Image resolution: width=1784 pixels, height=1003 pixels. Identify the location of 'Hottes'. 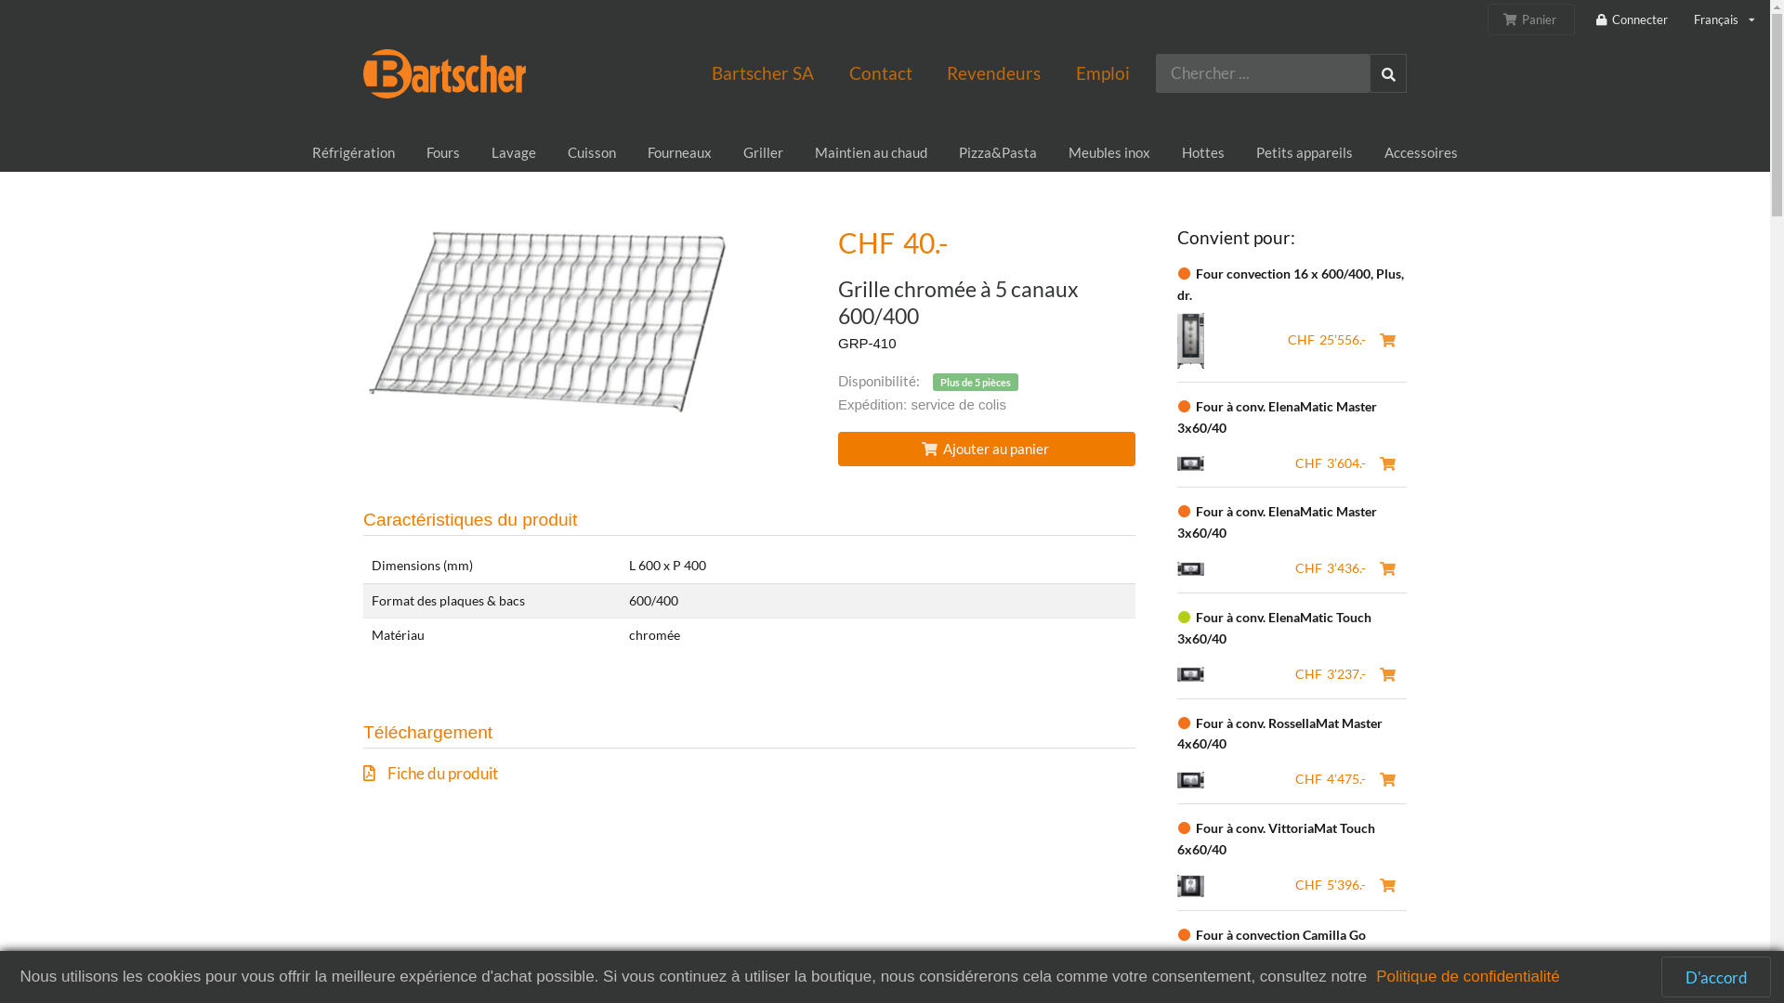
(1203, 152).